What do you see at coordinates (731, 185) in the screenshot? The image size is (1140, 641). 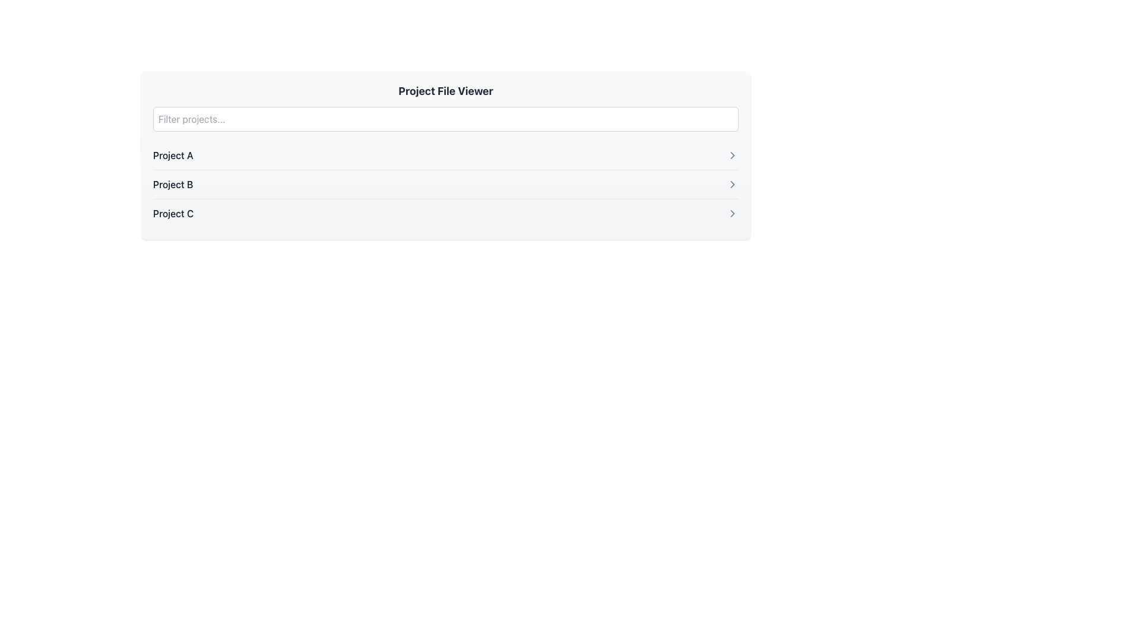 I see `the right-pointing Chevron icon located at the far-right of the list entry labeled 'Project B'` at bounding box center [731, 185].